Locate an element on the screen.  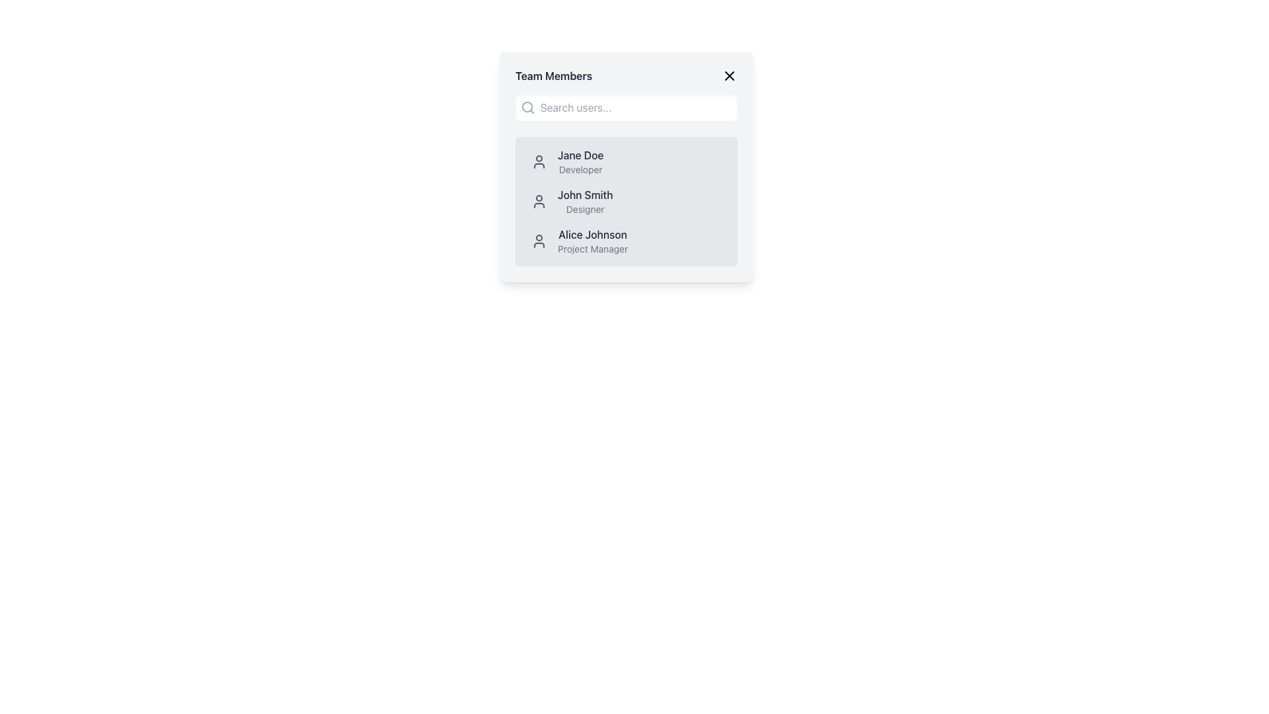
the close button located in the top-right corner of the 'Team Members' card is located at coordinates (729, 76).